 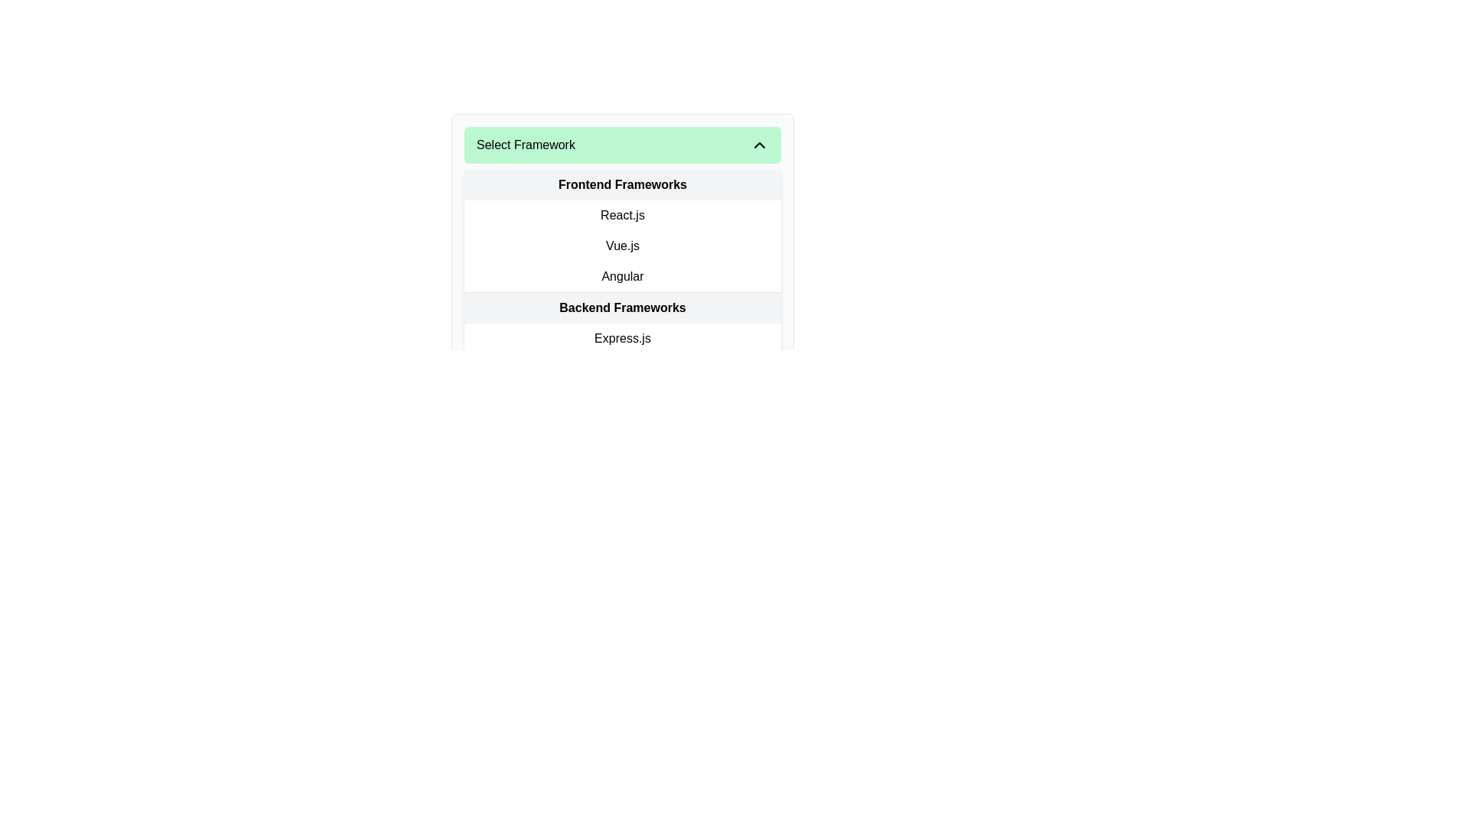 What do you see at coordinates (623, 369) in the screenshot?
I see `to select the 'Express.js' option from the first item in the 'Backend Frameworks' list` at bounding box center [623, 369].